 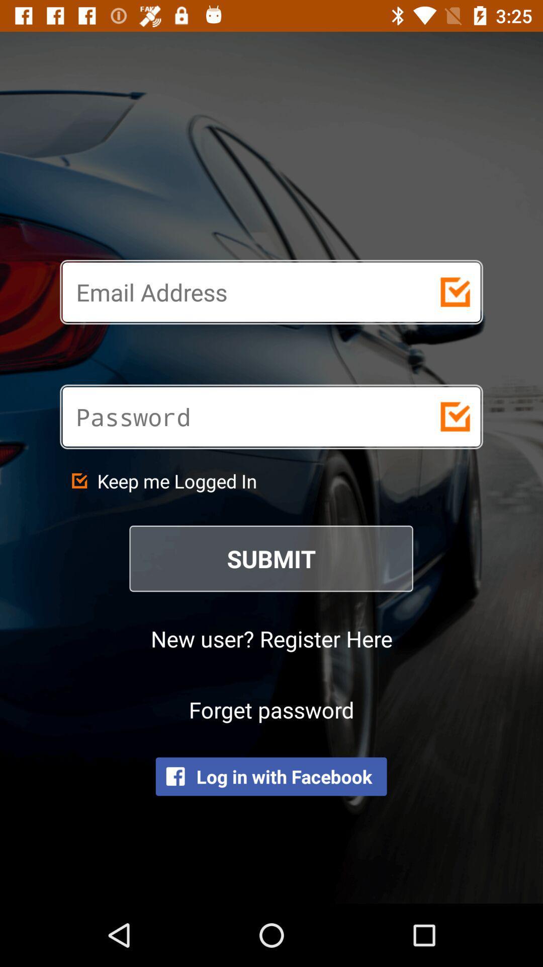 What do you see at coordinates (271, 709) in the screenshot?
I see `item below the new user register` at bounding box center [271, 709].